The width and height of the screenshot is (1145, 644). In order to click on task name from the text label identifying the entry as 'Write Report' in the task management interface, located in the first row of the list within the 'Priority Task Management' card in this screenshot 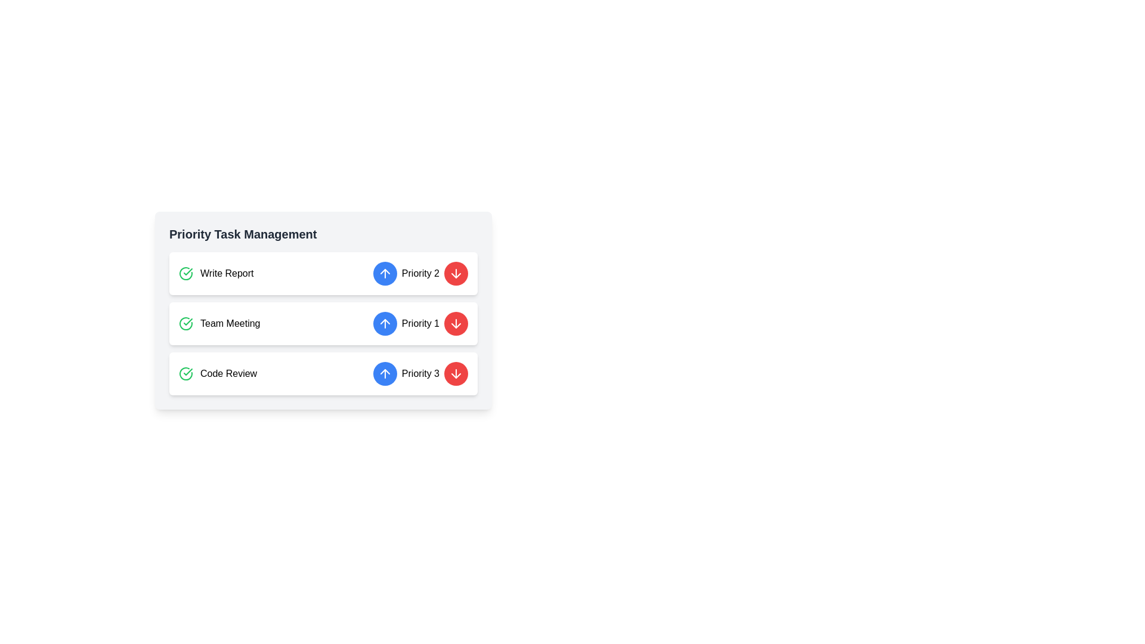, I will do `click(227, 274)`.